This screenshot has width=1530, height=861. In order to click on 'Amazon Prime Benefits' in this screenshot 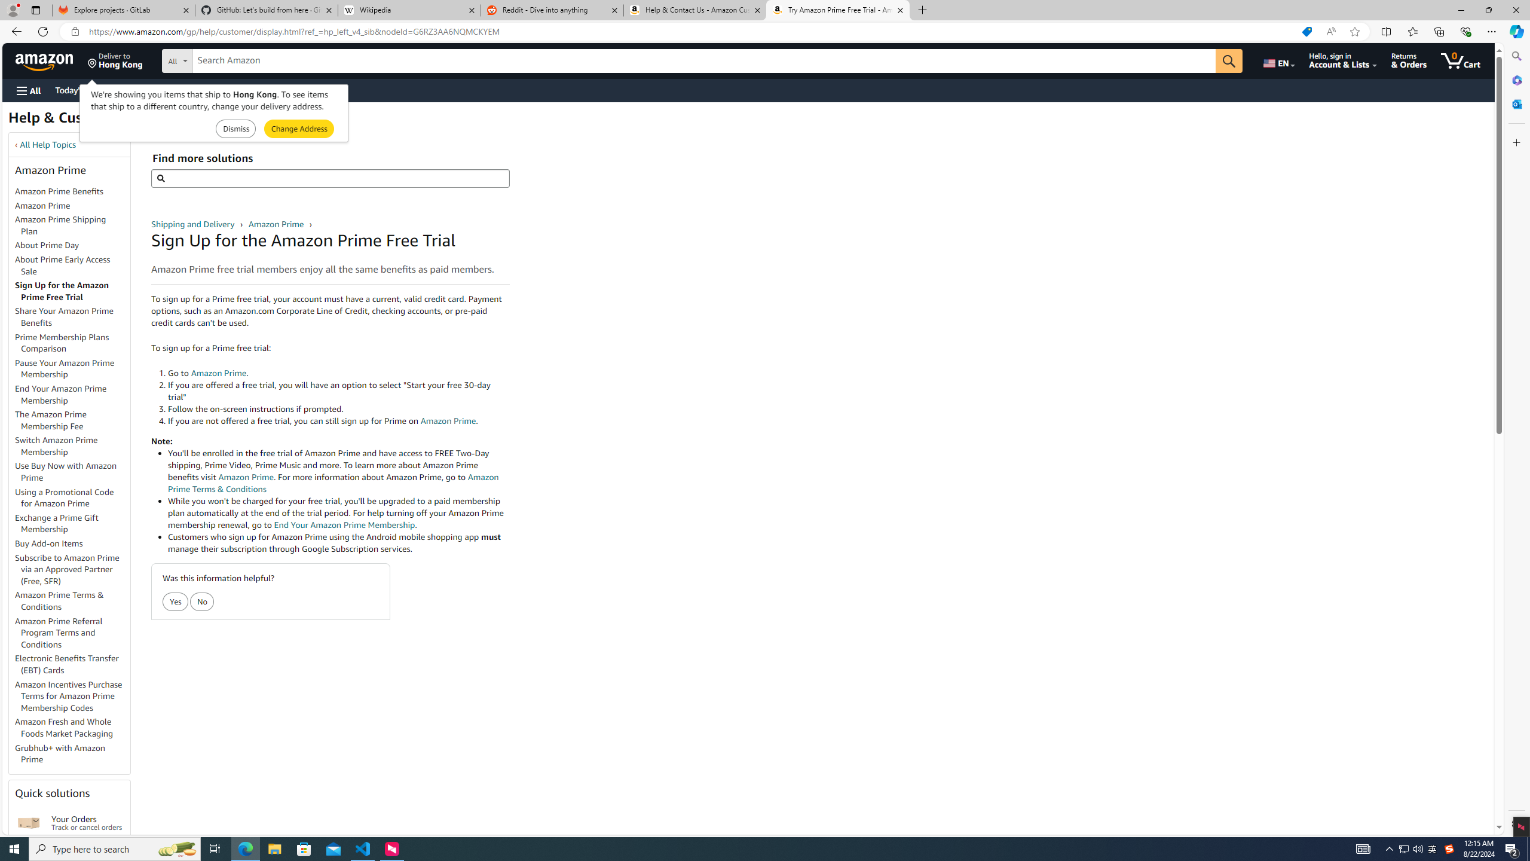, I will do `click(59, 190)`.